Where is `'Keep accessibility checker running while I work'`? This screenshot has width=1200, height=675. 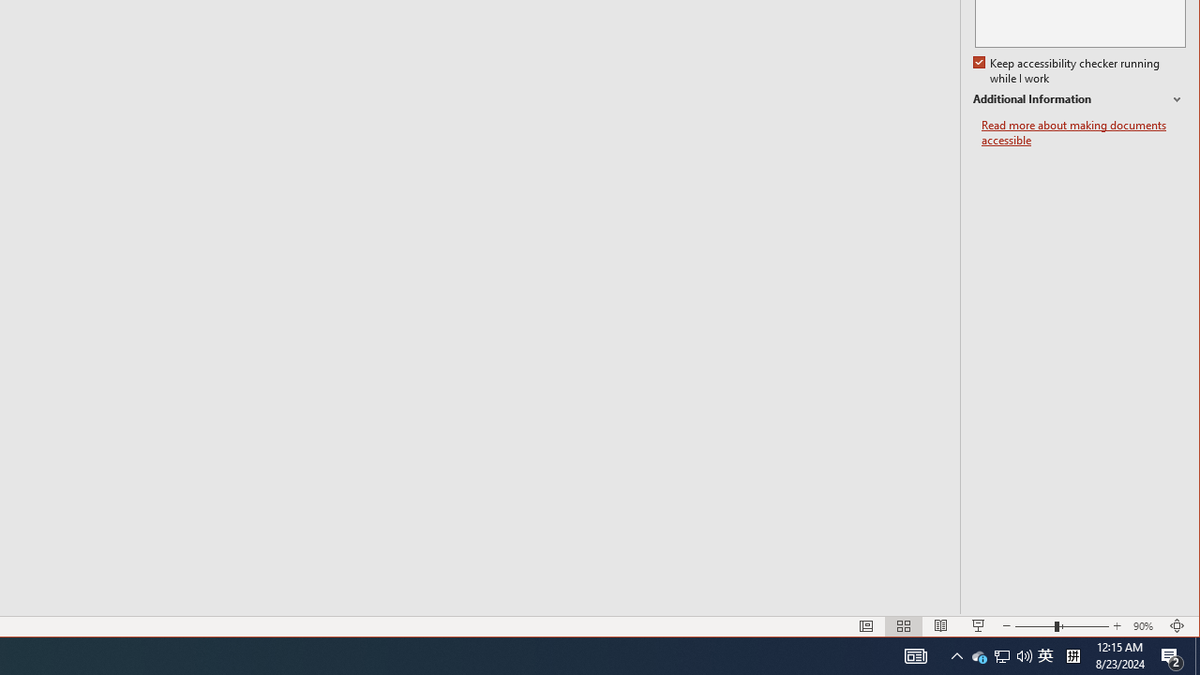
'Keep accessibility checker running while I work' is located at coordinates (1068, 70).